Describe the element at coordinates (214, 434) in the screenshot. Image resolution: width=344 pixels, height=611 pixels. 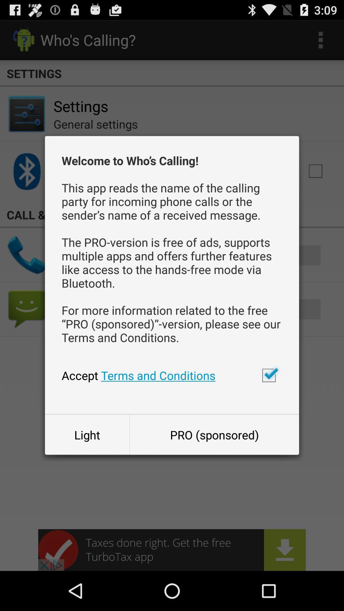
I see `the item to the right of the light button` at that location.